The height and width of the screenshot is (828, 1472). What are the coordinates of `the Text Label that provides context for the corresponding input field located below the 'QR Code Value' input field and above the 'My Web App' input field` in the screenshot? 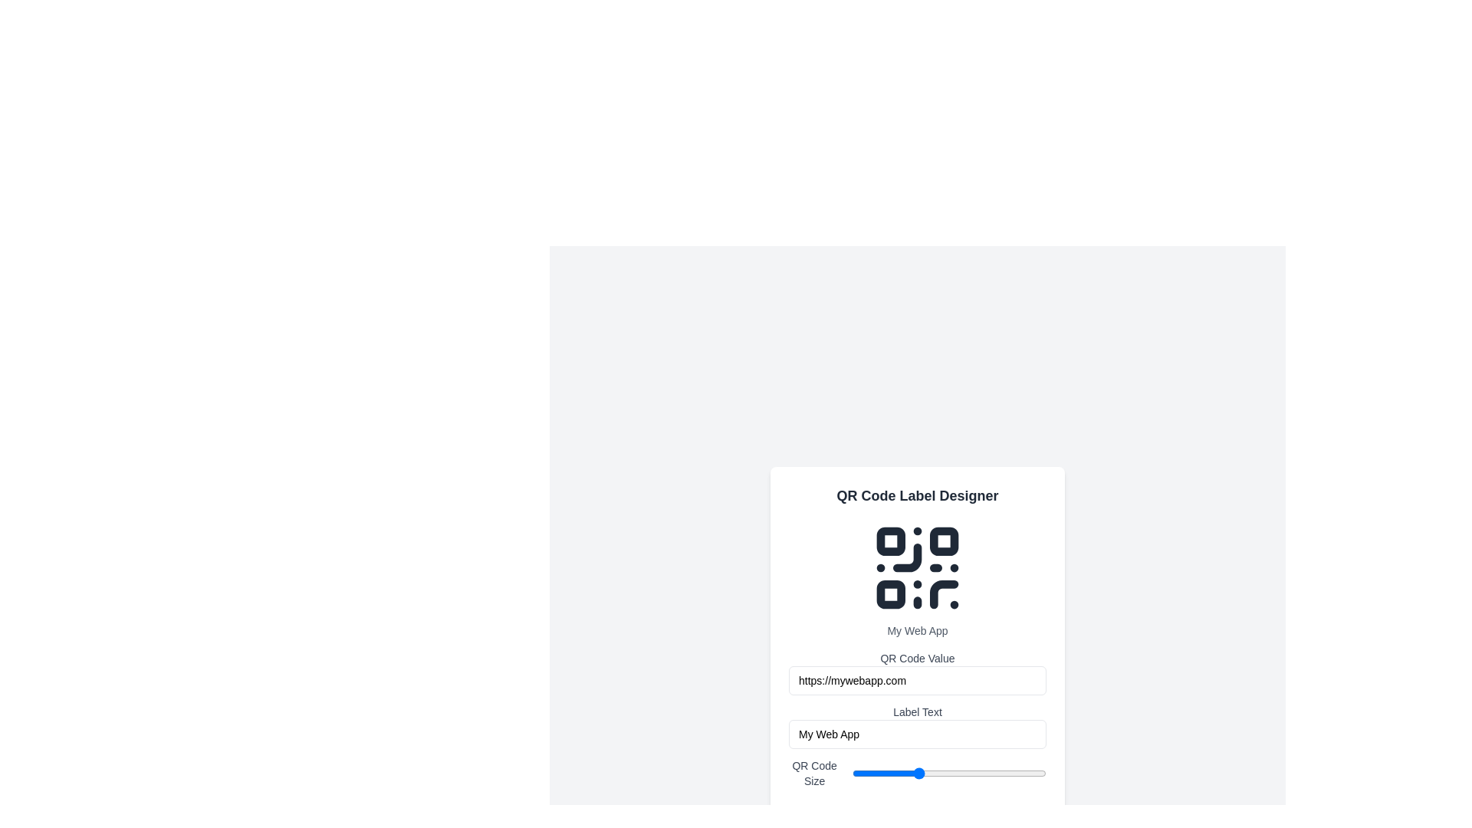 It's located at (917, 712).